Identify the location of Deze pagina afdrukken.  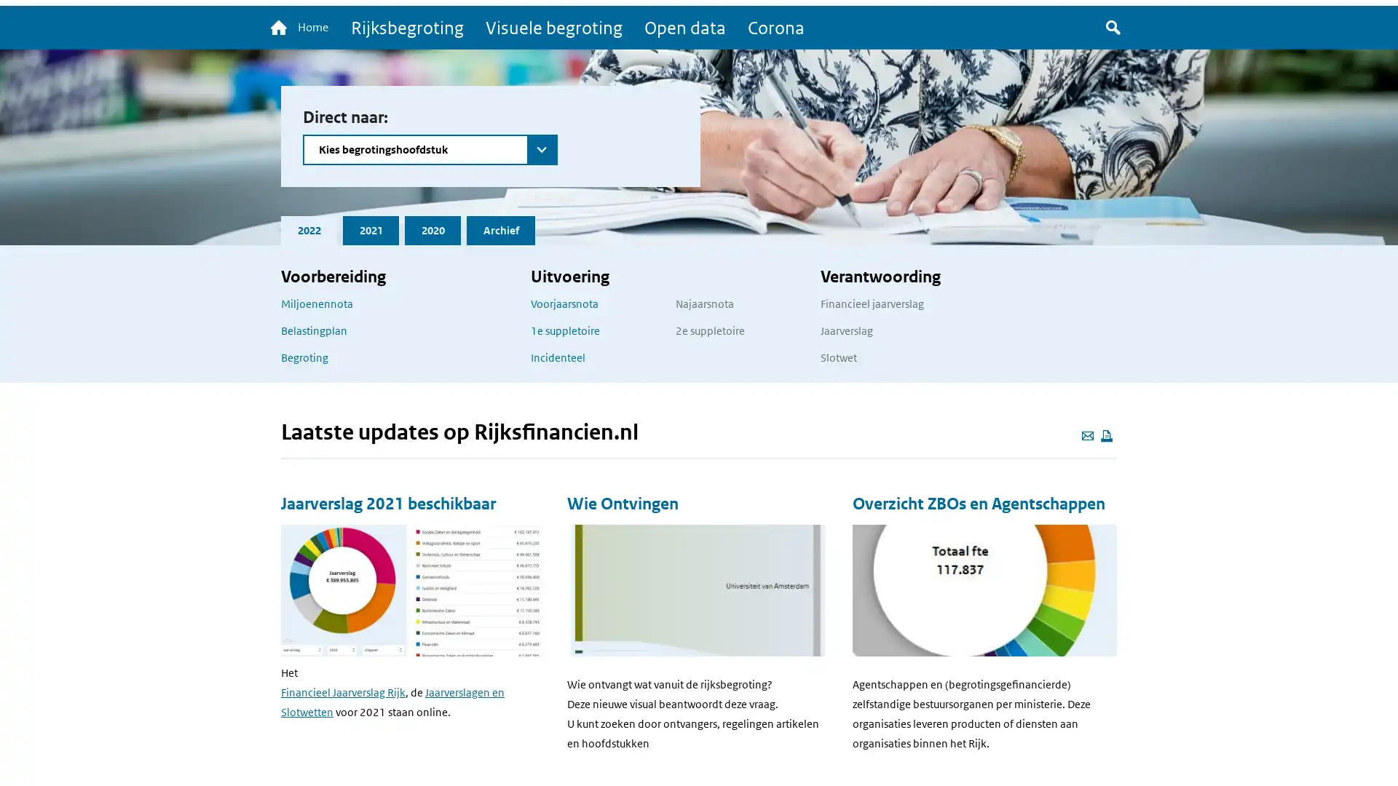
(1107, 436).